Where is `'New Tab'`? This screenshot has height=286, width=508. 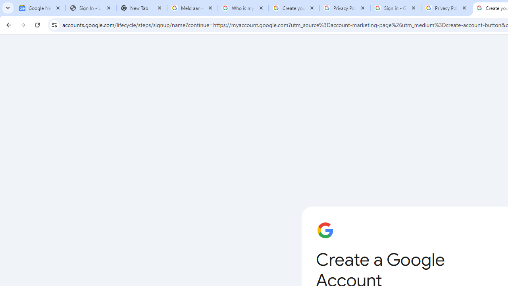 'New Tab' is located at coordinates (142, 8).